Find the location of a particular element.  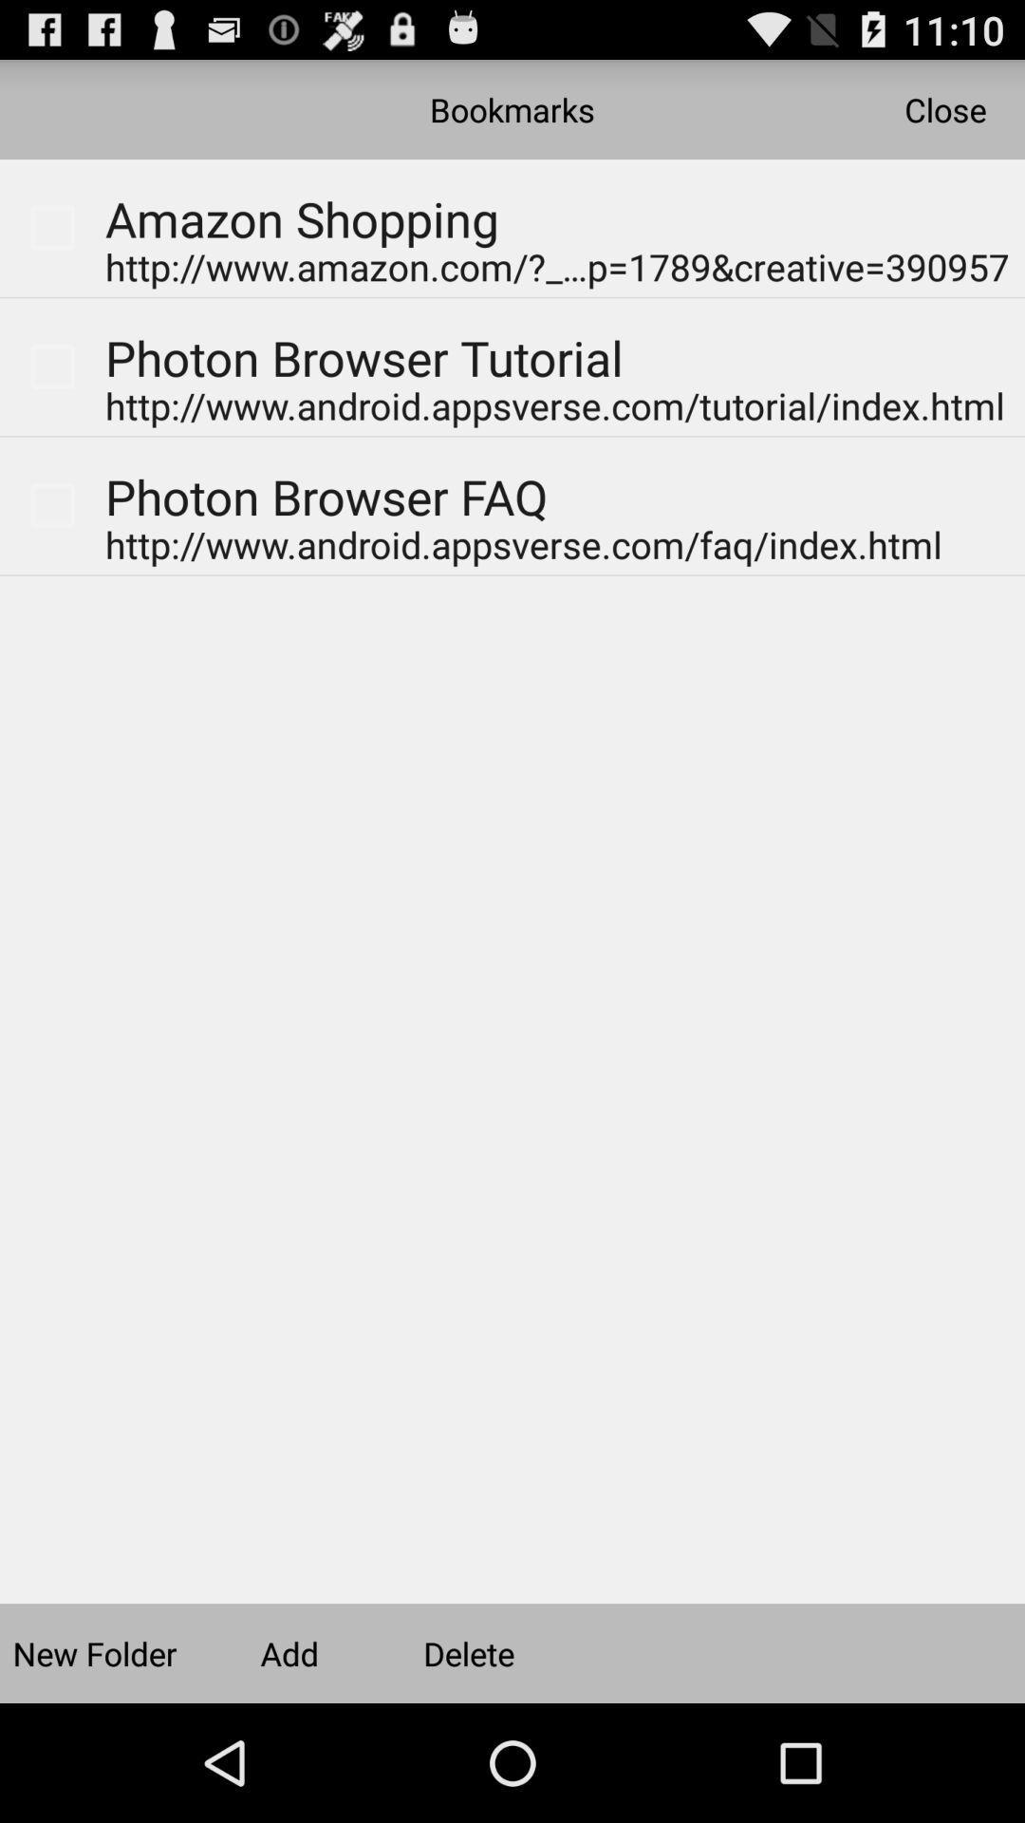

the minus icon is located at coordinates (967, 205).